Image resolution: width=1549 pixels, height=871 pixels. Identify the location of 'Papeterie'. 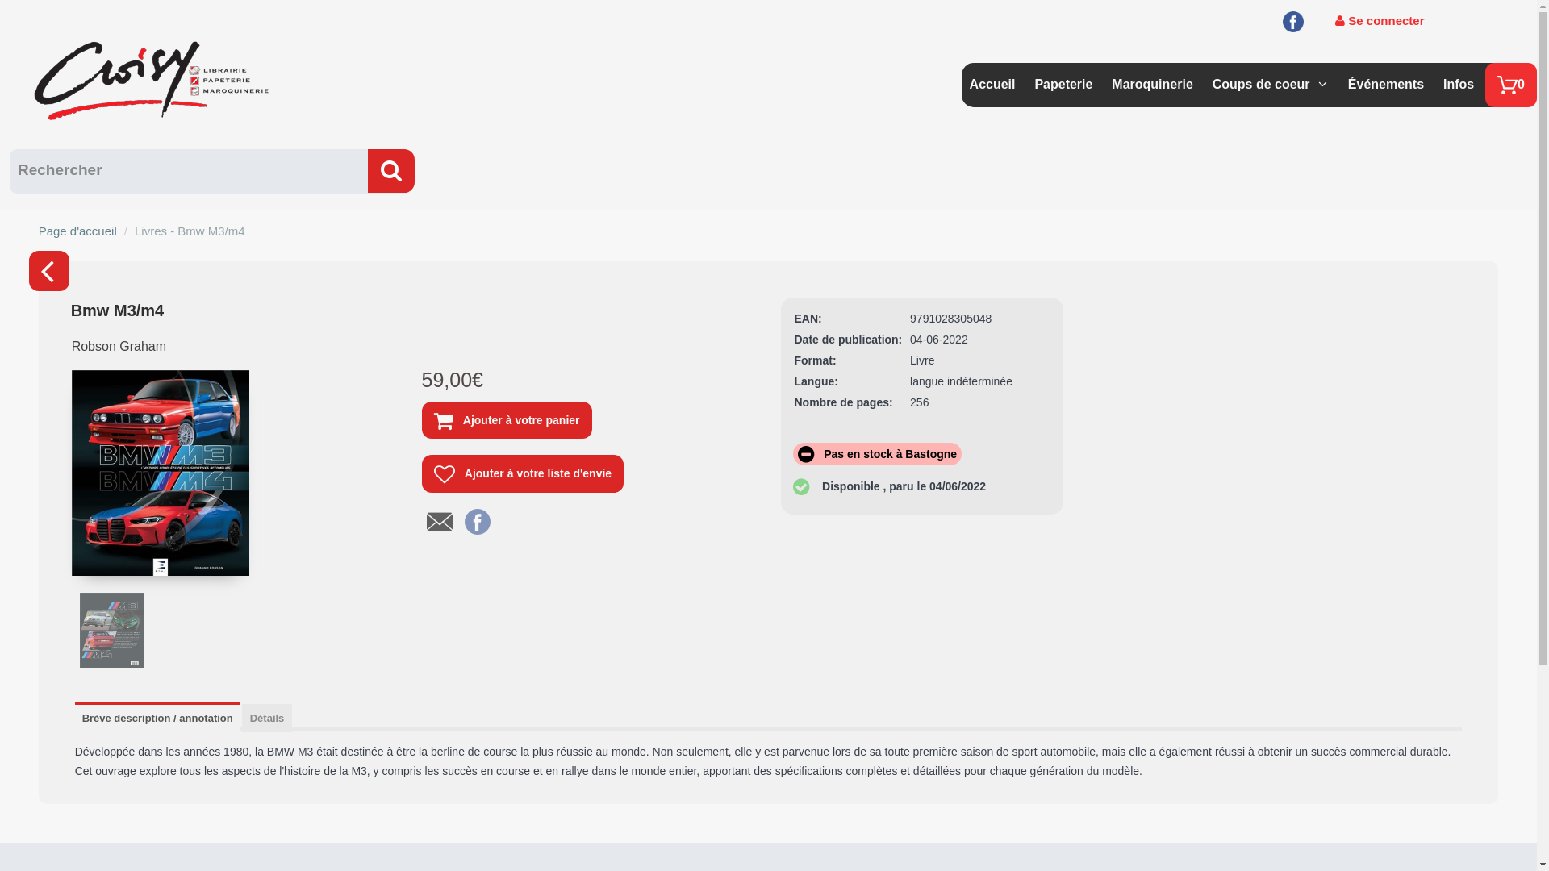
(1063, 78).